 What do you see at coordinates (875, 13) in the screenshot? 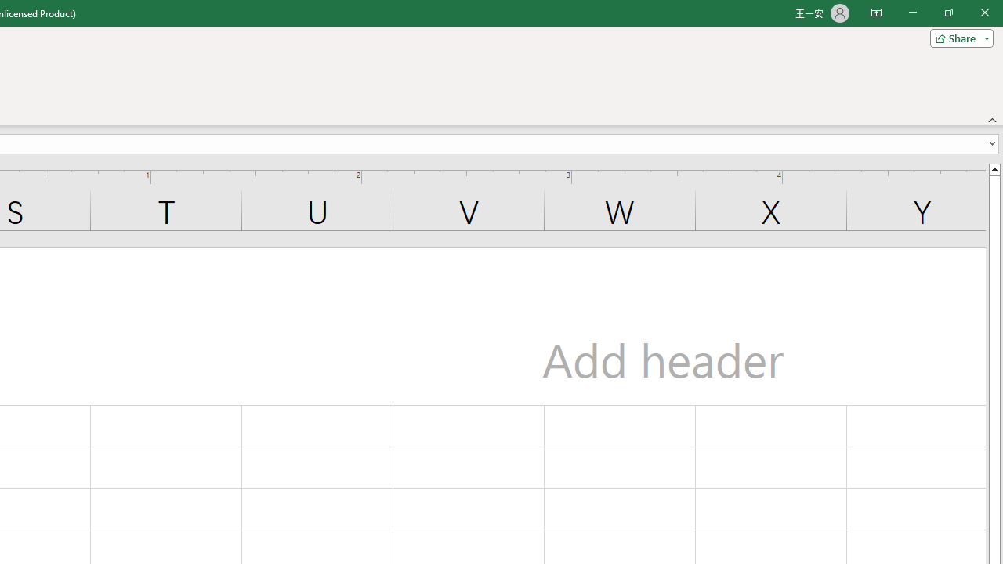
I see `'Ribbon Display Options'` at bounding box center [875, 13].